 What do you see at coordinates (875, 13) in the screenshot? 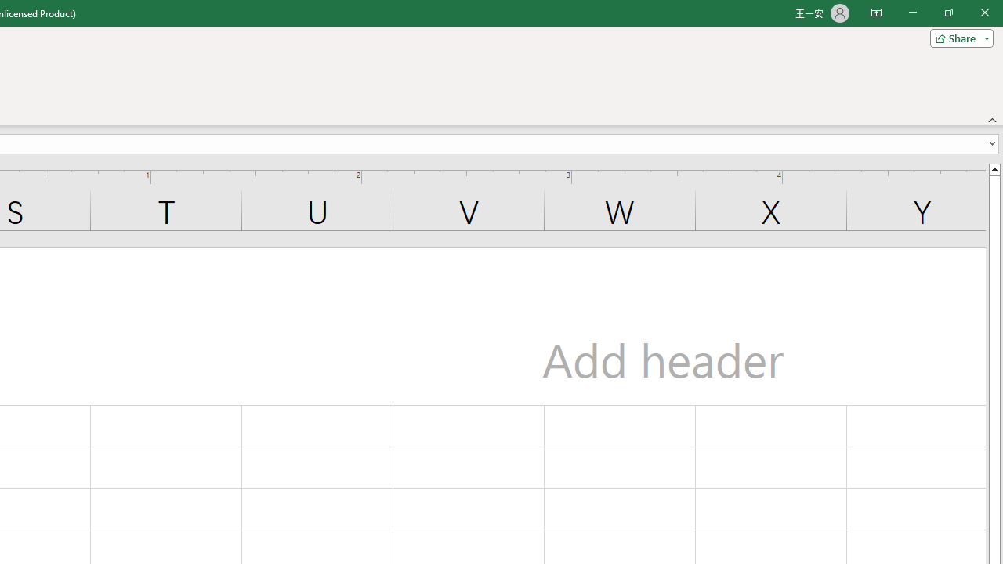
I see `'Ribbon Display Options'` at bounding box center [875, 13].